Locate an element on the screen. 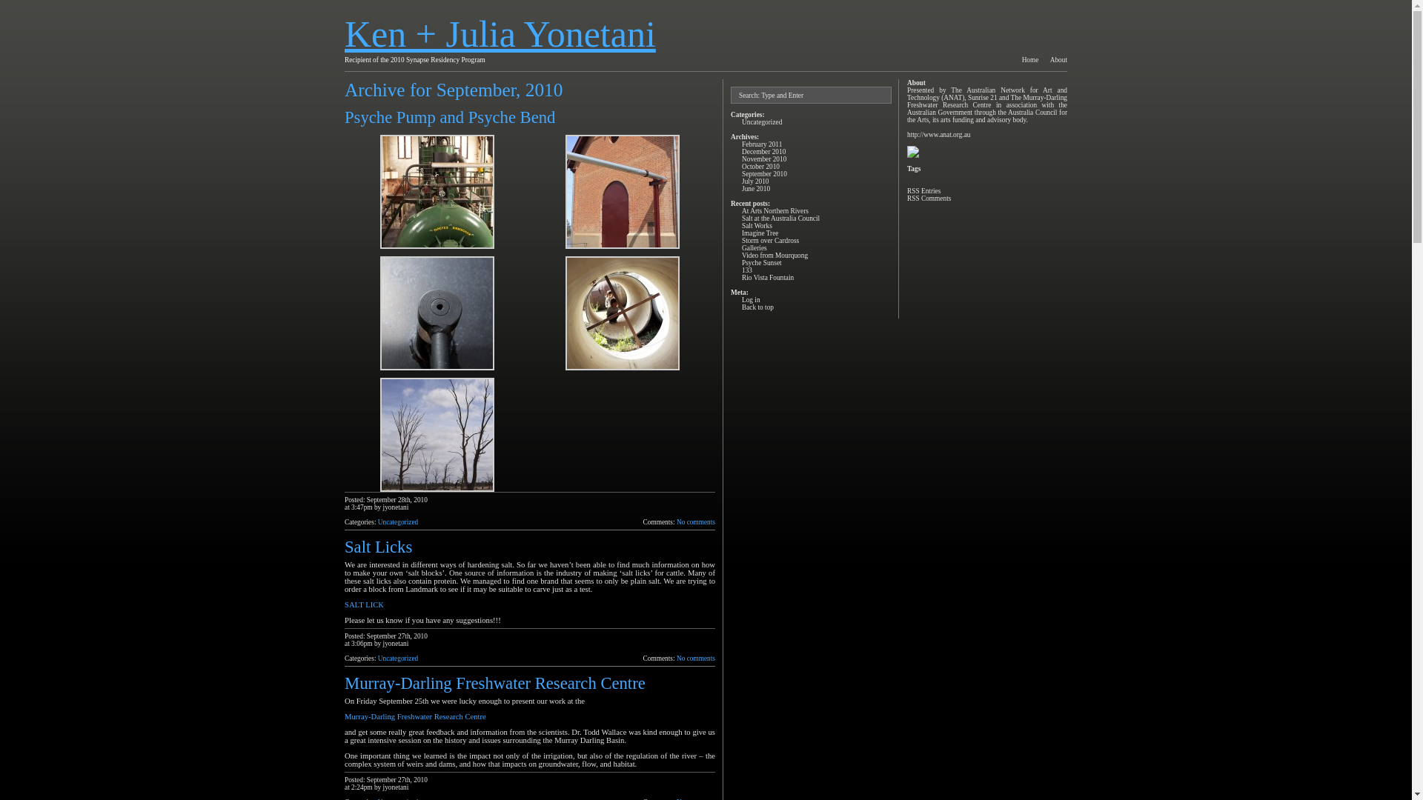 Image resolution: width=1423 pixels, height=800 pixels. 'RSS Entries' is located at coordinates (923, 190).